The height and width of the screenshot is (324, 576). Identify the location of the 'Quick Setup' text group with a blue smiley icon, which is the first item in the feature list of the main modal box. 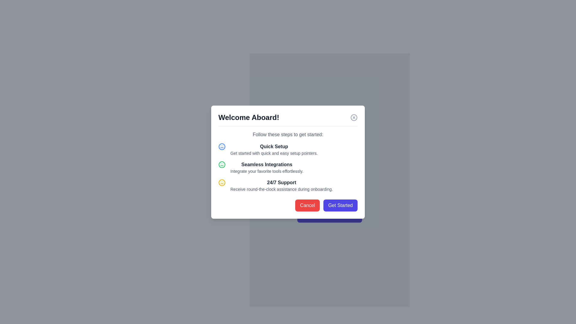
(288, 149).